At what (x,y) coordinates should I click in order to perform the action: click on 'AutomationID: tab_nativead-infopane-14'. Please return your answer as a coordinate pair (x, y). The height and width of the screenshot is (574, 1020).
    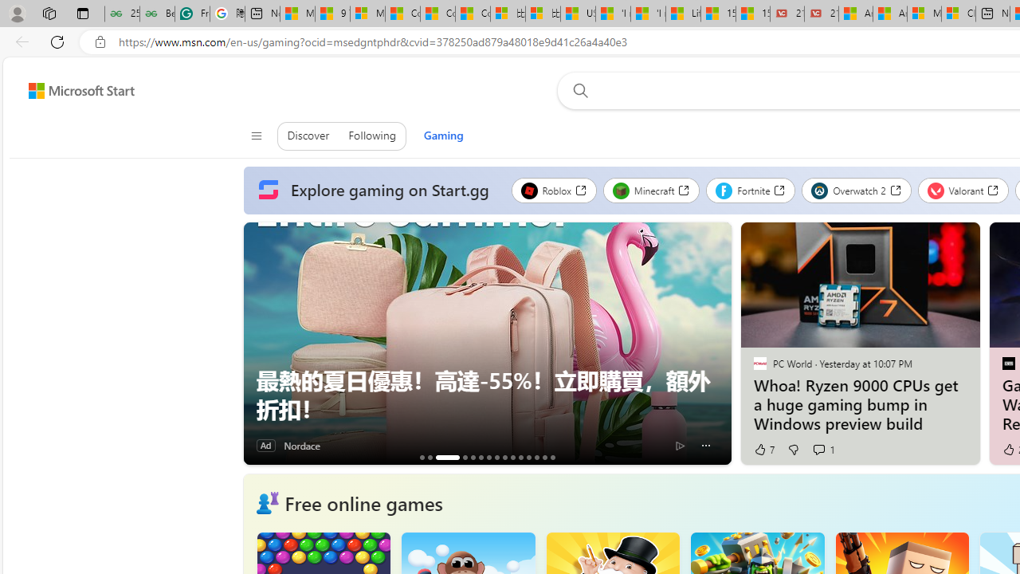
    Looking at the image, I should click on (544, 457).